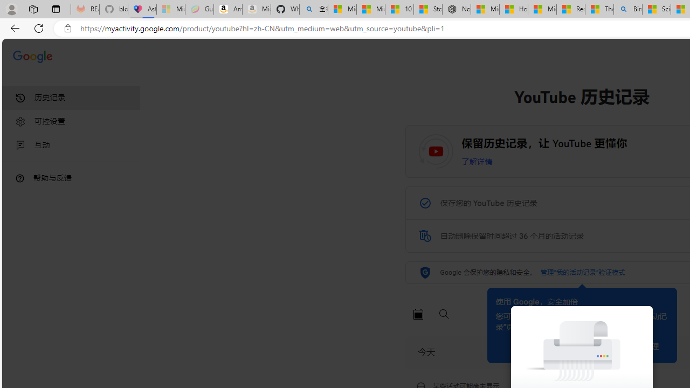 This screenshot has width=690, height=388. What do you see at coordinates (570, 9) in the screenshot?
I see `'Recipes - MSN'` at bounding box center [570, 9].